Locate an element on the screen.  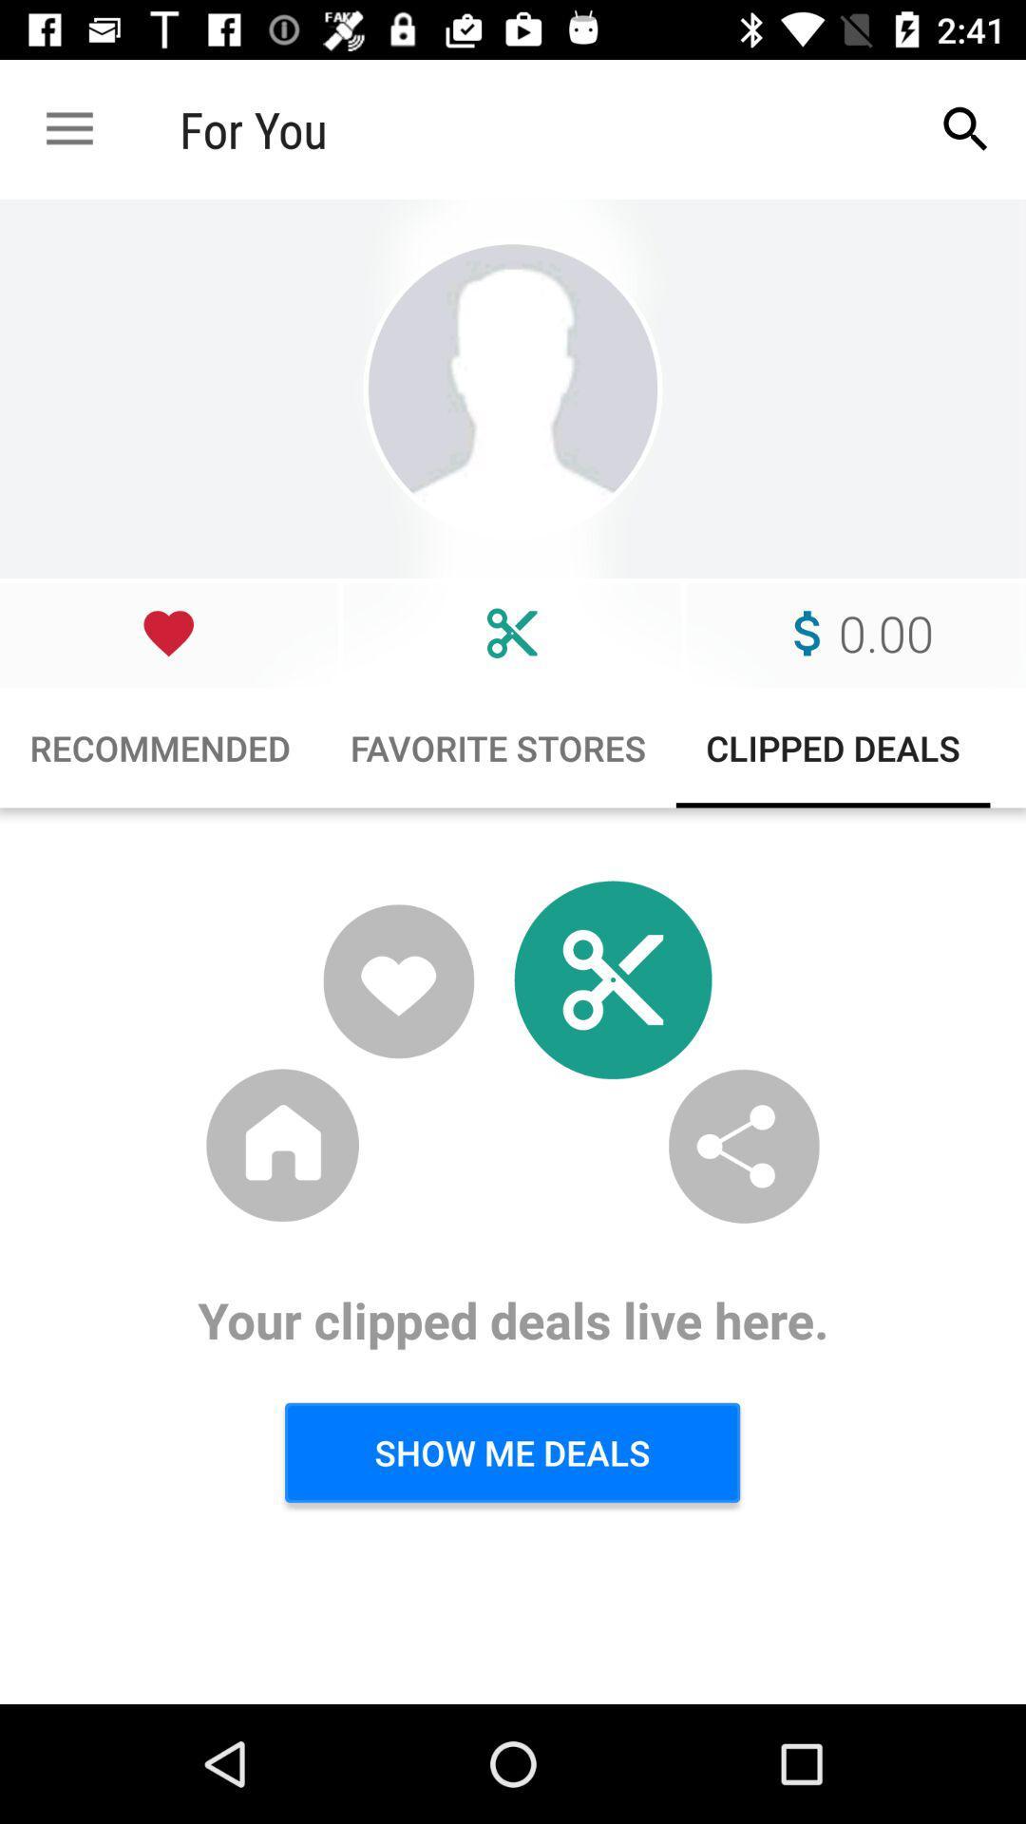
the icon next to for you is located at coordinates (68, 128).